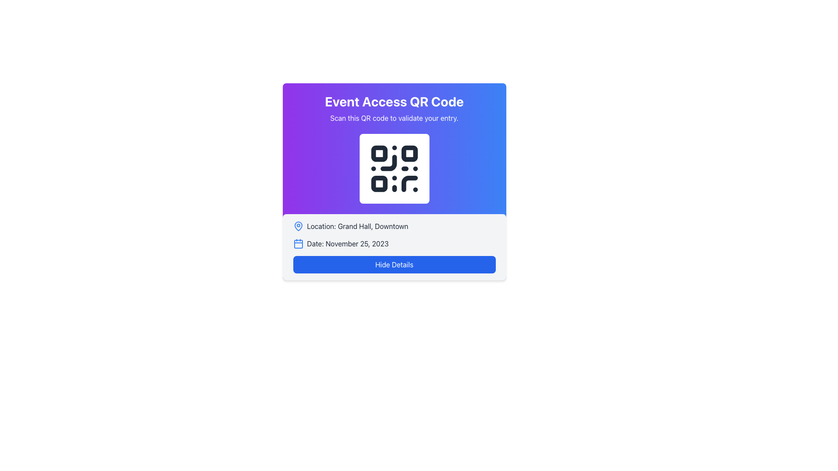 The width and height of the screenshot is (838, 471). Describe the element at coordinates (379, 183) in the screenshot. I see `the bottom-left corner of the QR code module, which is a small black square with rounded corners, prominently displayed in the center of the interface against a gradient background` at that location.